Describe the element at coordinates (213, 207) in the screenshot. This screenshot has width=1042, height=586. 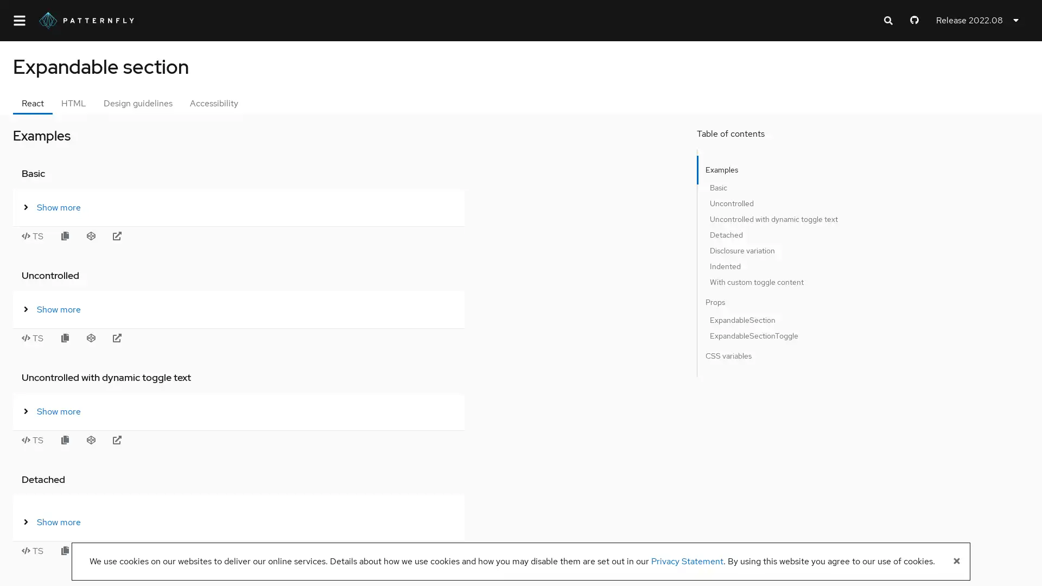
I see `Show more` at that location.